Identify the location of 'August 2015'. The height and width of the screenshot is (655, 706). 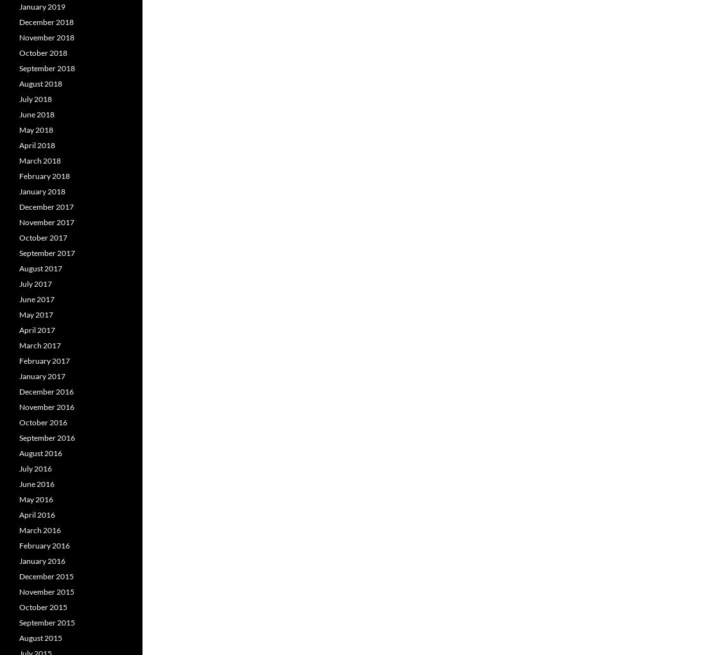
(40, 638).